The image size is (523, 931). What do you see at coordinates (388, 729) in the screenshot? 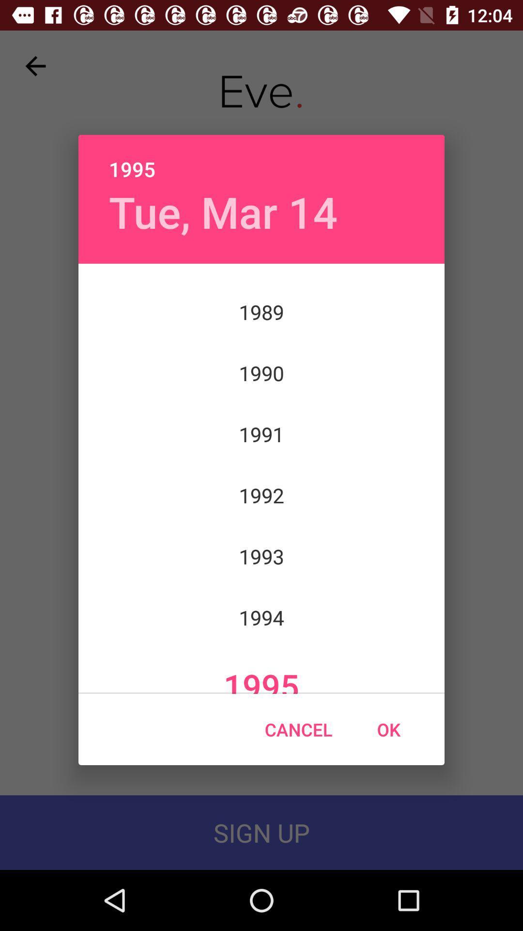
I see `item to the right of the cancel icon` at bounding box center [388, 729].